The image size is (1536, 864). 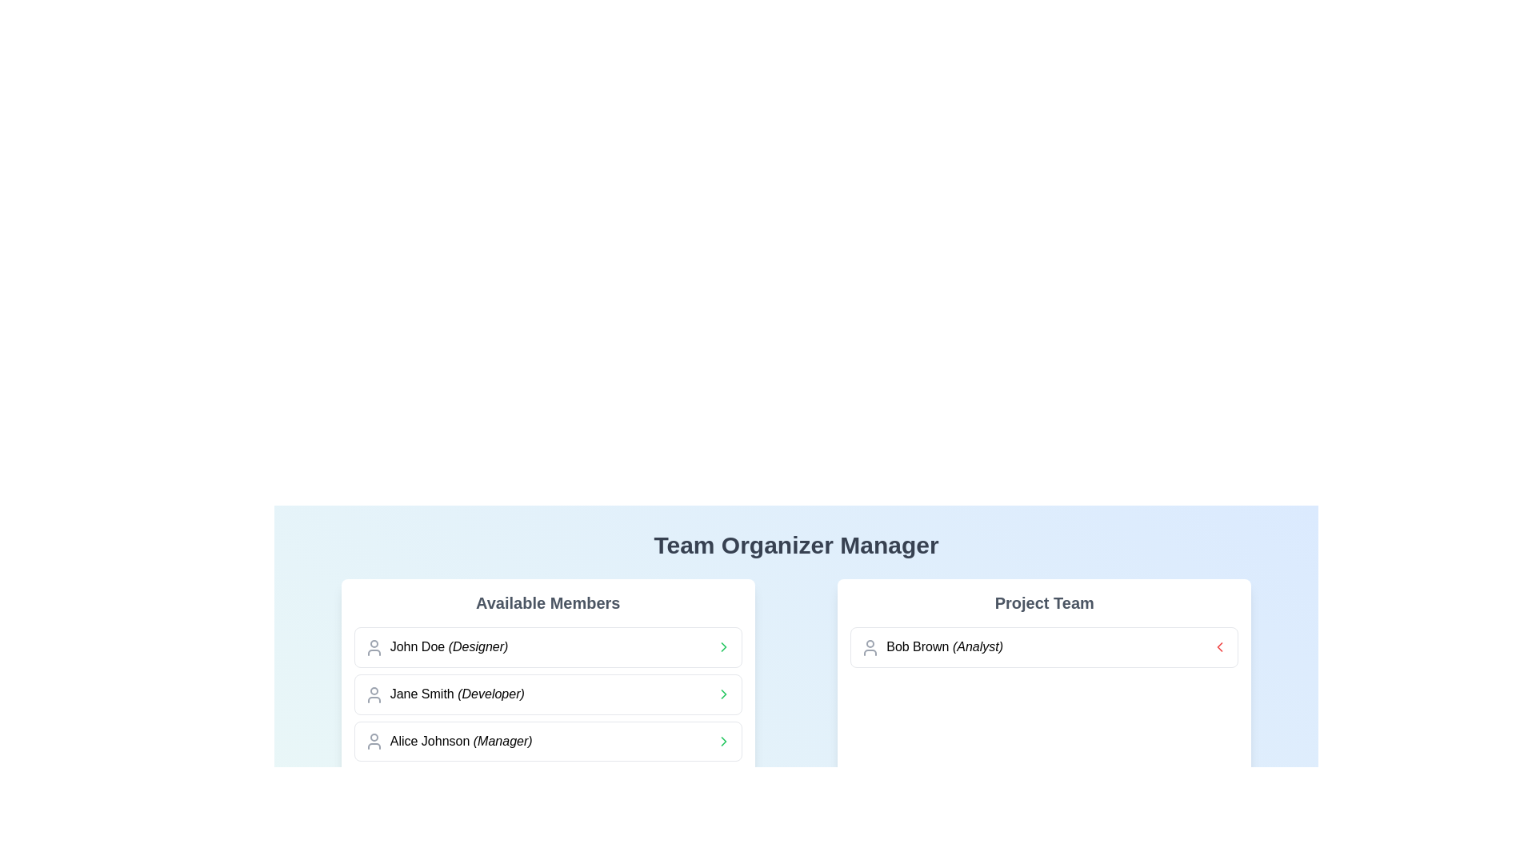 I want to click on the text label that identifies the second team member in the 'Available Members' section, positioned between 'John Doe (Designer)' and 'Alice Johnson (Manager)', so click(x=444, y=694).